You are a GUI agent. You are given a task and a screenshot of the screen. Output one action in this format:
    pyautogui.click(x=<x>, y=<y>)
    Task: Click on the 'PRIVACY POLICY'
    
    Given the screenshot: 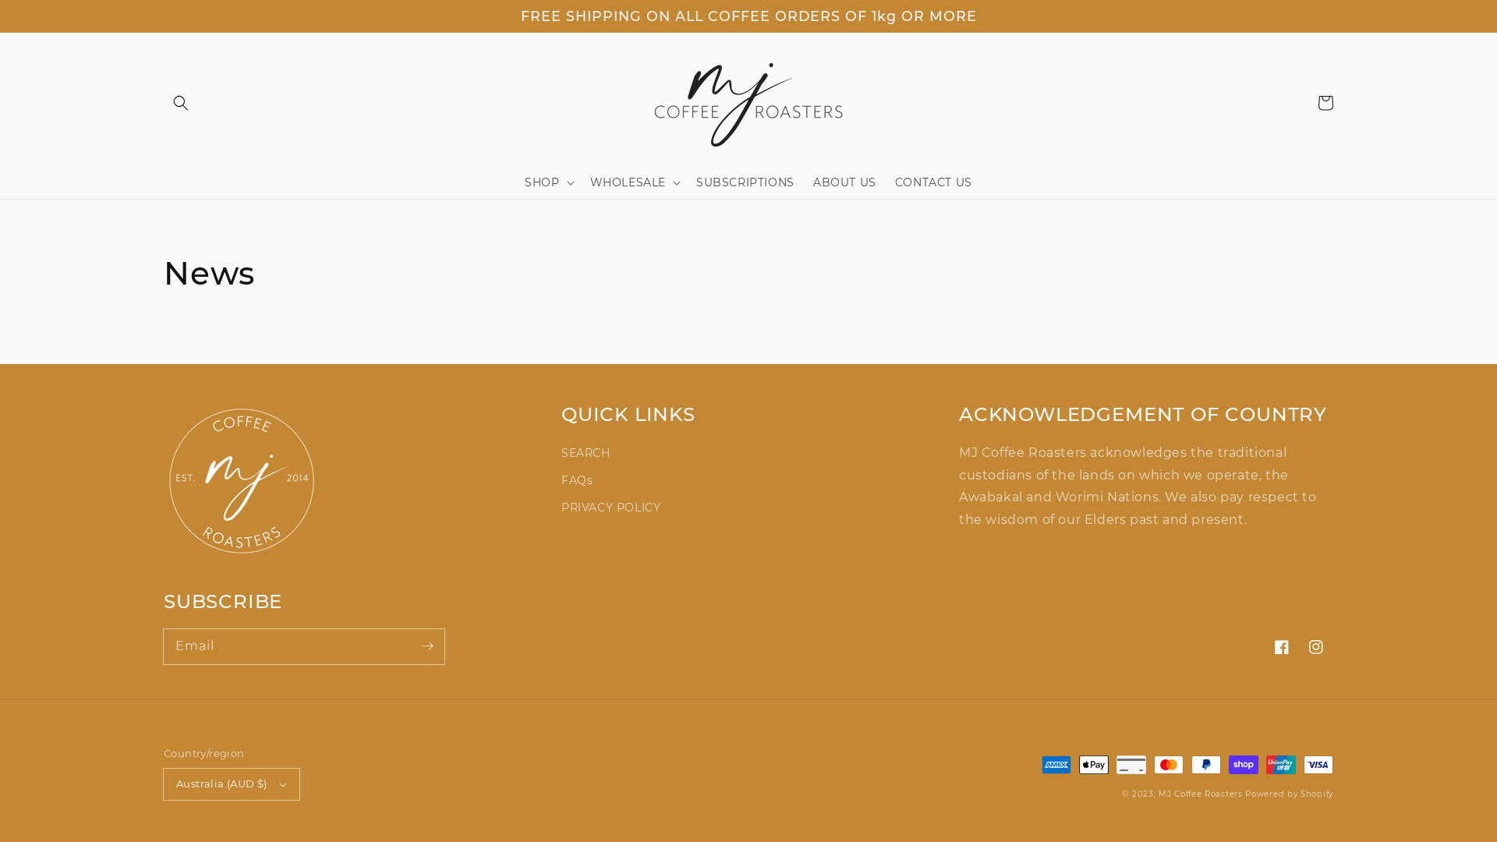 What is the action you would take?
    pyautogui.click(x=561, y=508)
    